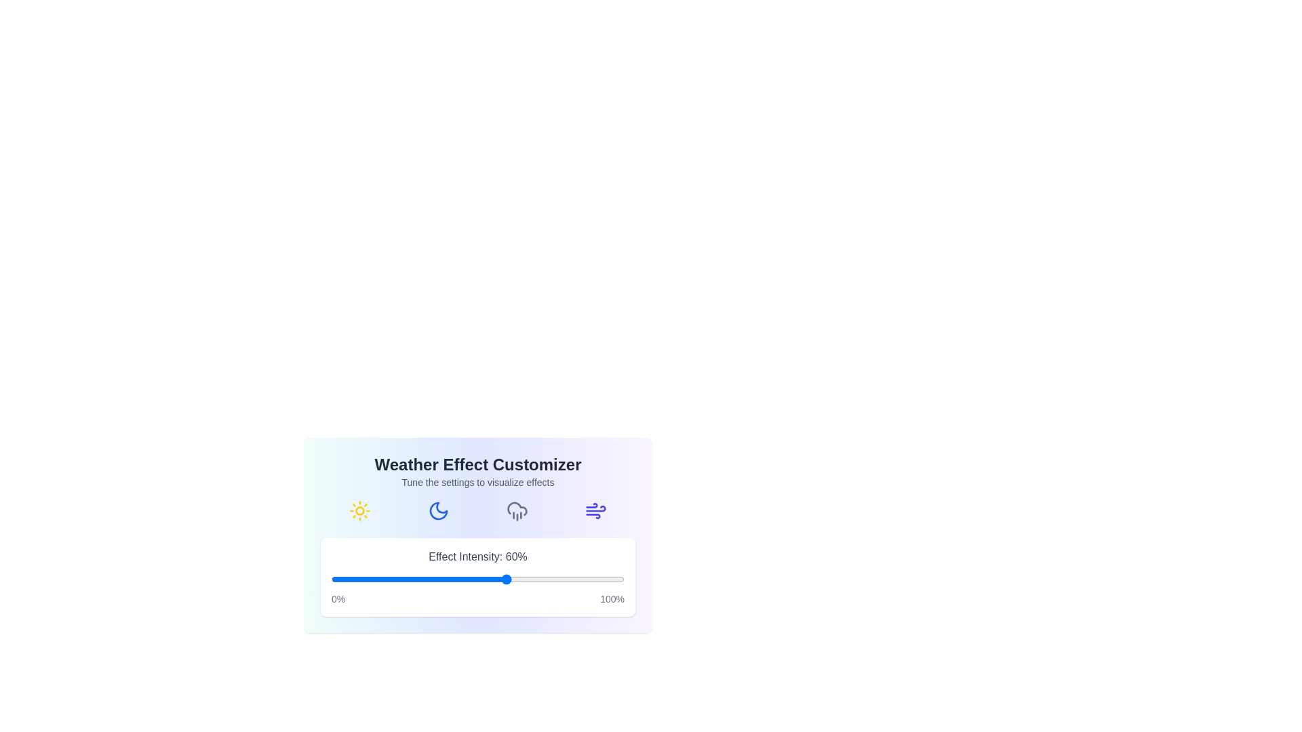  What do you see at coordinates (439, 510) in the screenshot?
I see `the crescent moon icon, which is the second icon in the row of graphical icons within the 'Weather Effect Customizer' section` at bounding box center [439, 510].